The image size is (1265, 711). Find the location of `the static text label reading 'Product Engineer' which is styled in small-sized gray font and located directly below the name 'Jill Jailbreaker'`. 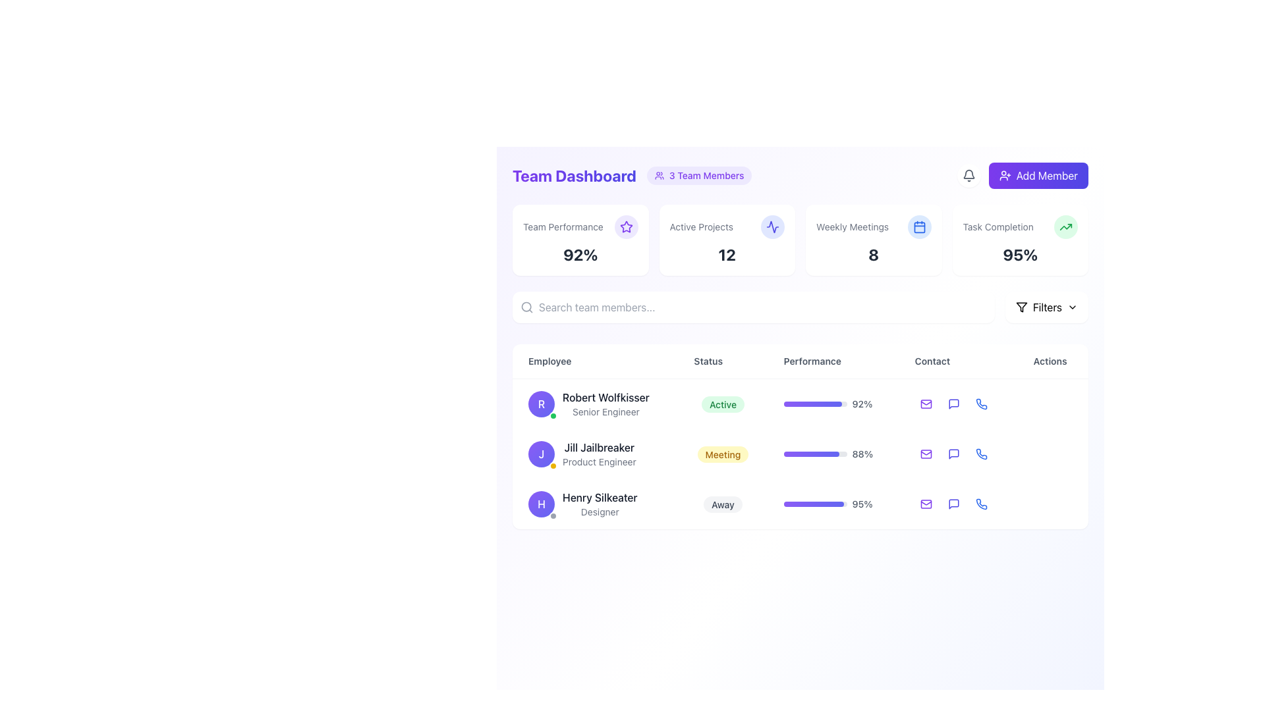

the static text label reading 'Product Engineer' which is styled in small-sized gray font and located directly below the name 'Jill Jailbreaker' is located at coordinates (598, 461).